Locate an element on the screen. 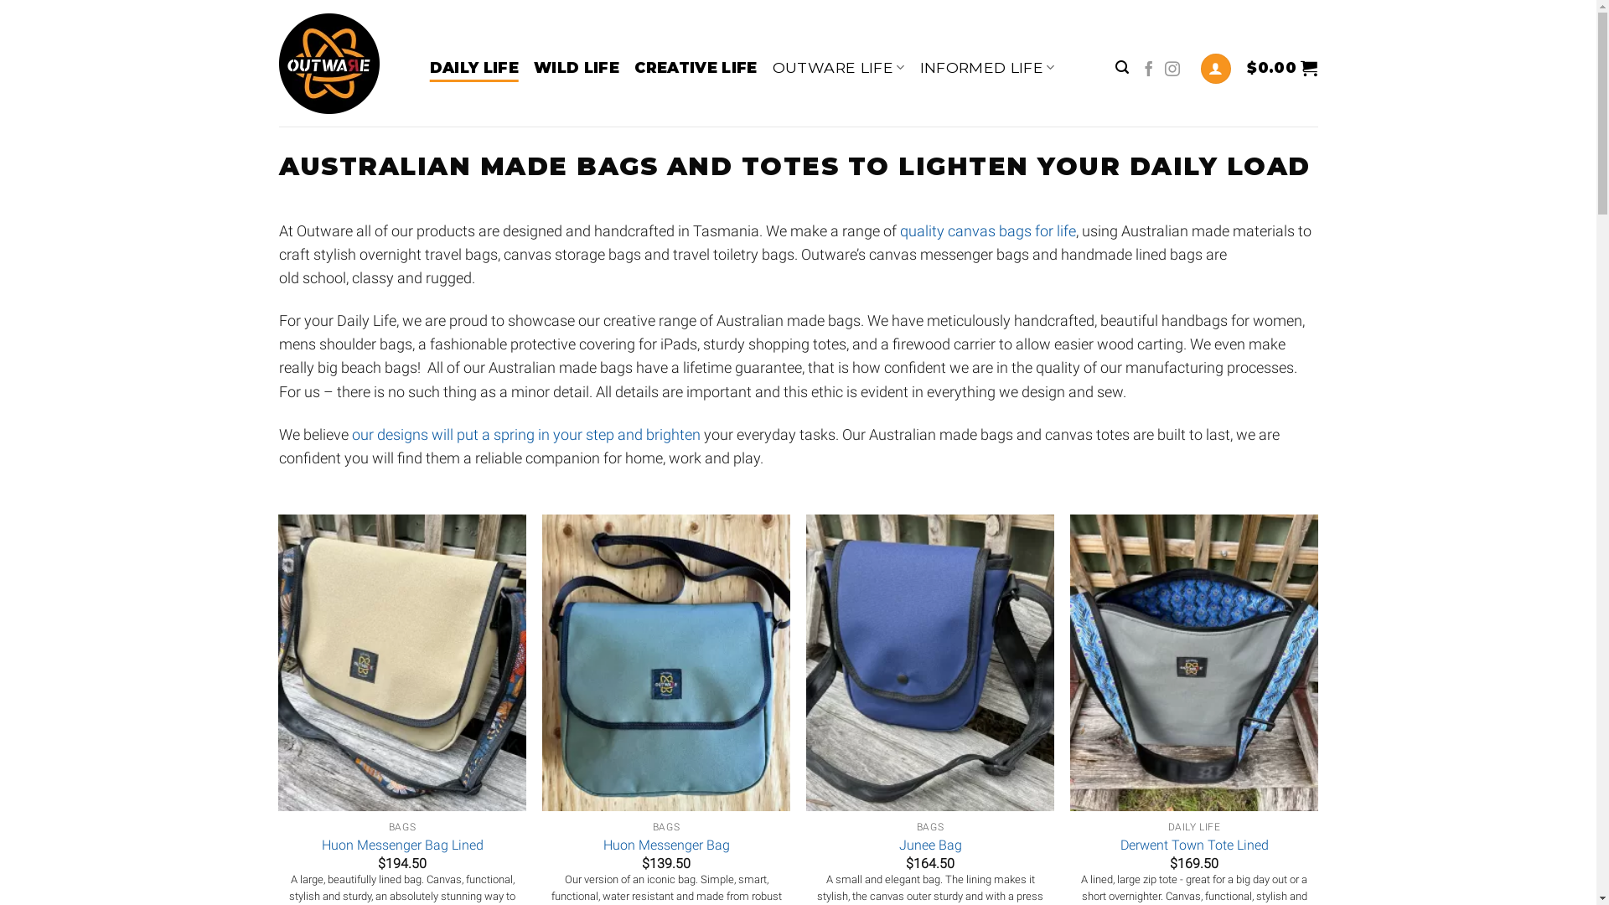 The height and width of the screenshot is (905, 1609). 'DAILY LIFE' is located at coordinates (473, 66).